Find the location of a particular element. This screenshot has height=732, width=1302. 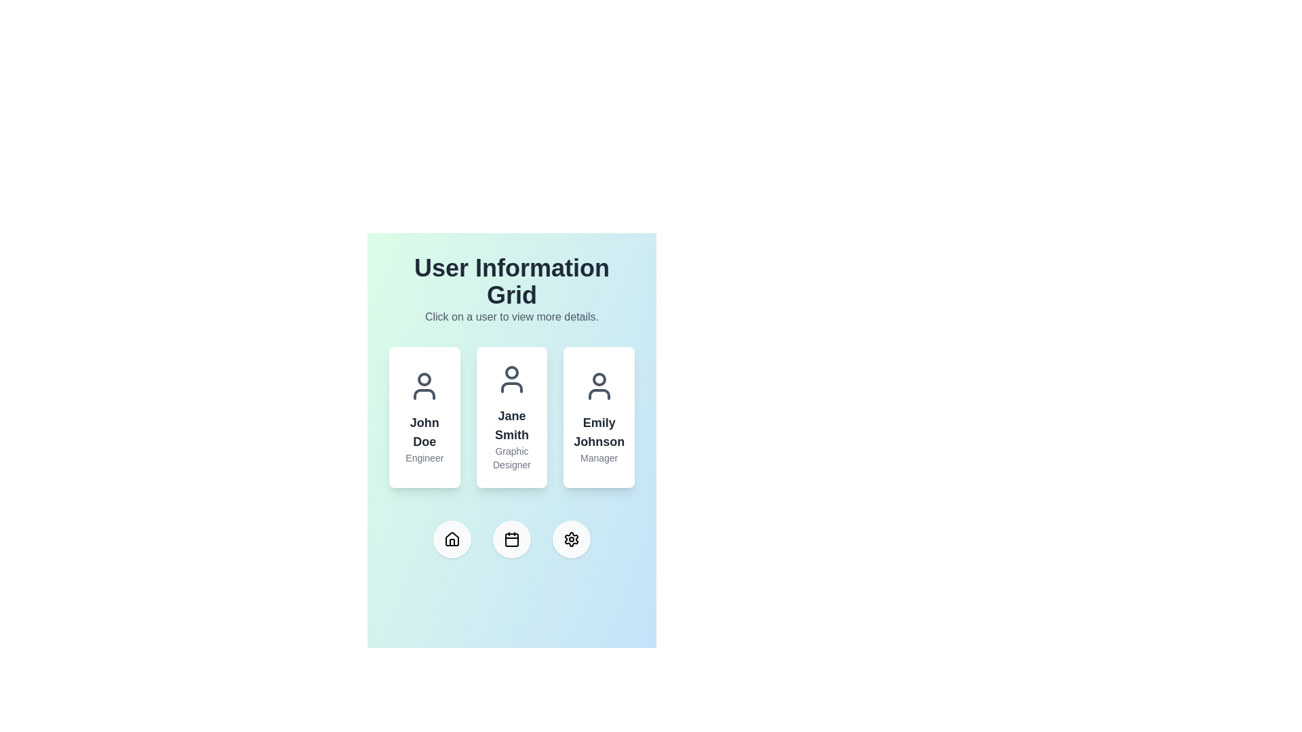

the Text label that serves as a designation label for the individual depicted in the card, located directly below the 'Jane Smith' text in the center card of a three-column user information grid is located at coordinates (511, 457).